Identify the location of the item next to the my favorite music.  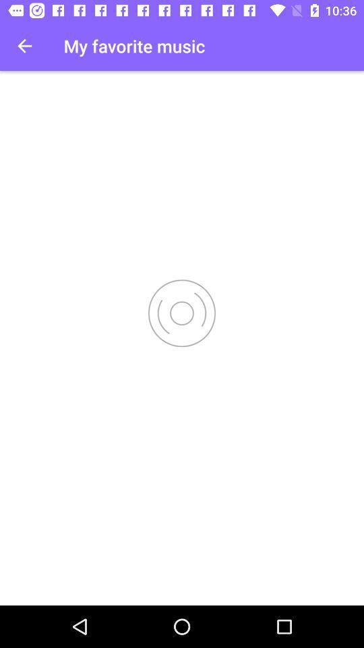
(24, 46).